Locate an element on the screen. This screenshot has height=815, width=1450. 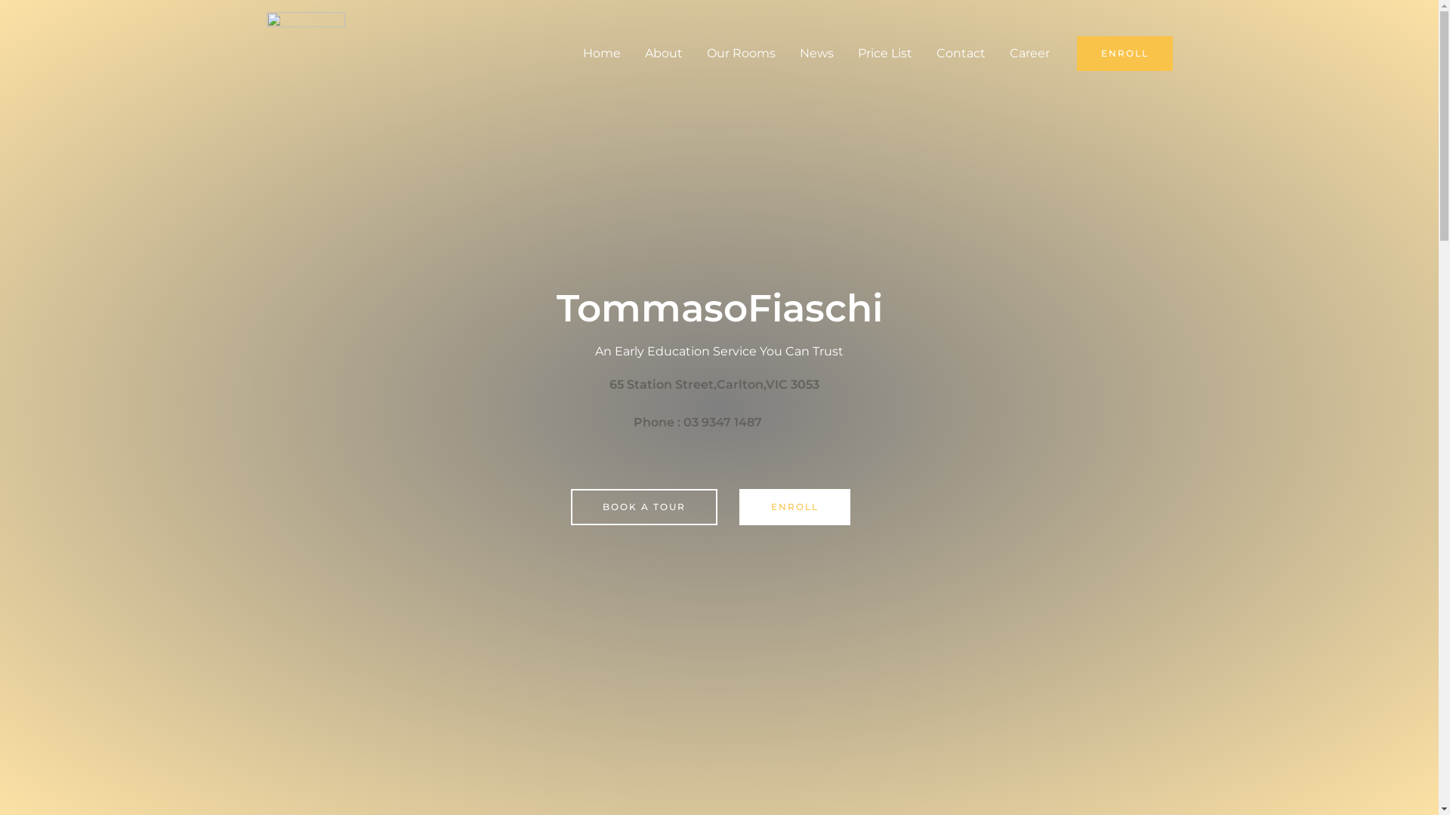
'Price List' is located at coordinates (884, 52).